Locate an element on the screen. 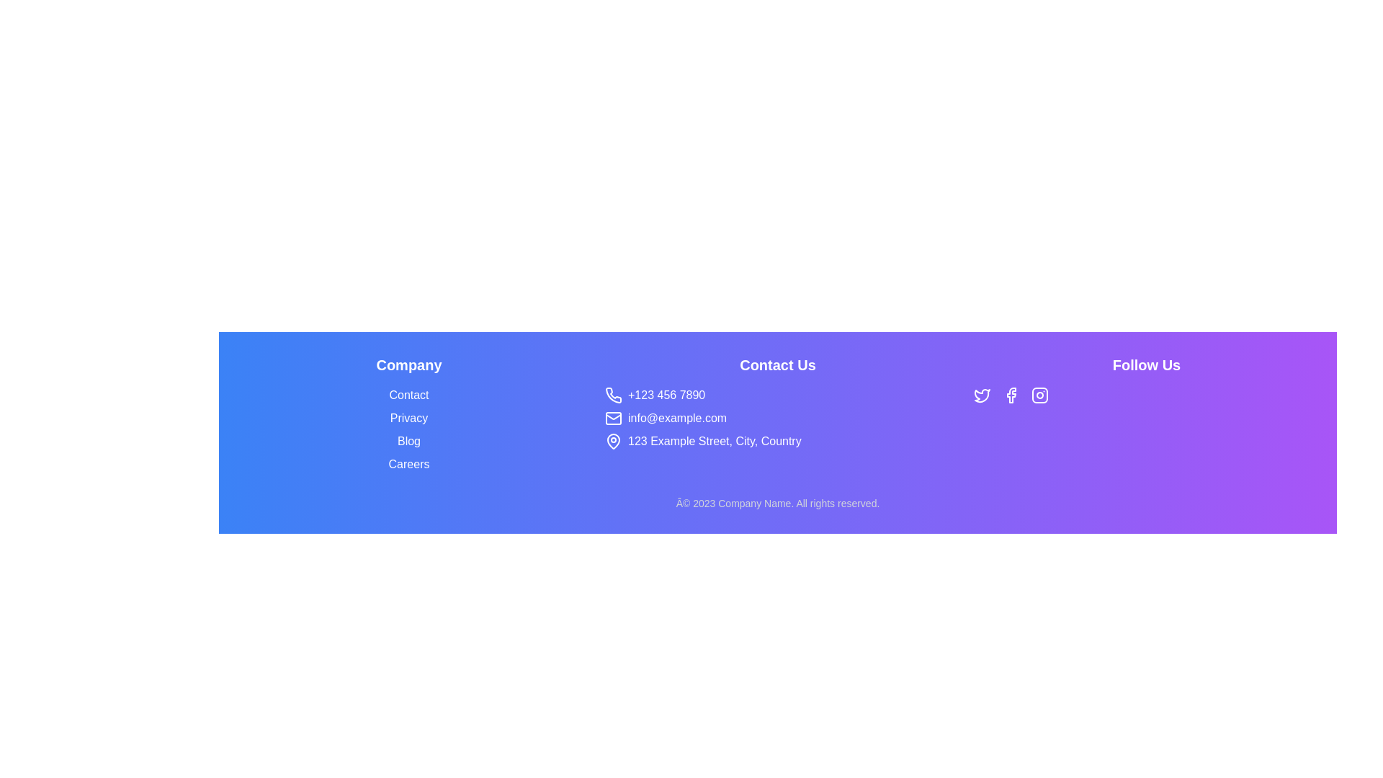 This screenshot has width=1383, height=778. the Text label indicating the section dedicated to contact information, which is located at the top of the contact information group is located at coordinates (777, 364).